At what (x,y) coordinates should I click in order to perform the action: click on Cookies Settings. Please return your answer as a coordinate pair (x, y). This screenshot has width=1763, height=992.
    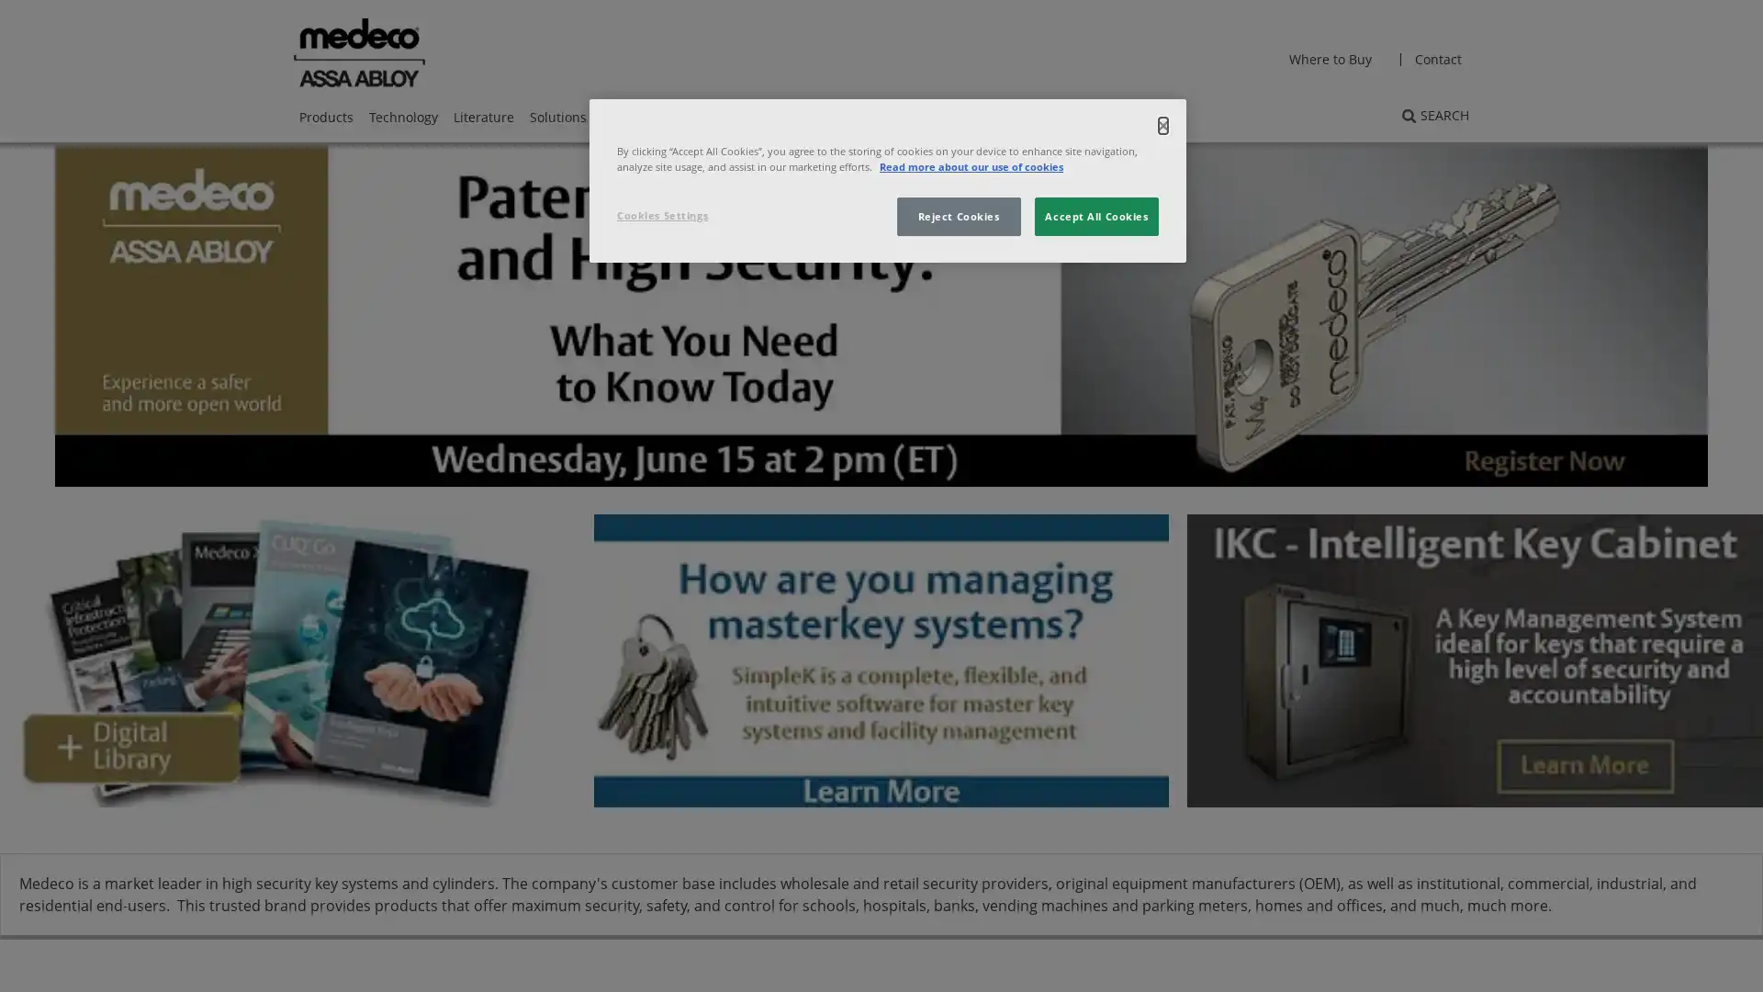
    Looking at the image, I should click on (678, 215).